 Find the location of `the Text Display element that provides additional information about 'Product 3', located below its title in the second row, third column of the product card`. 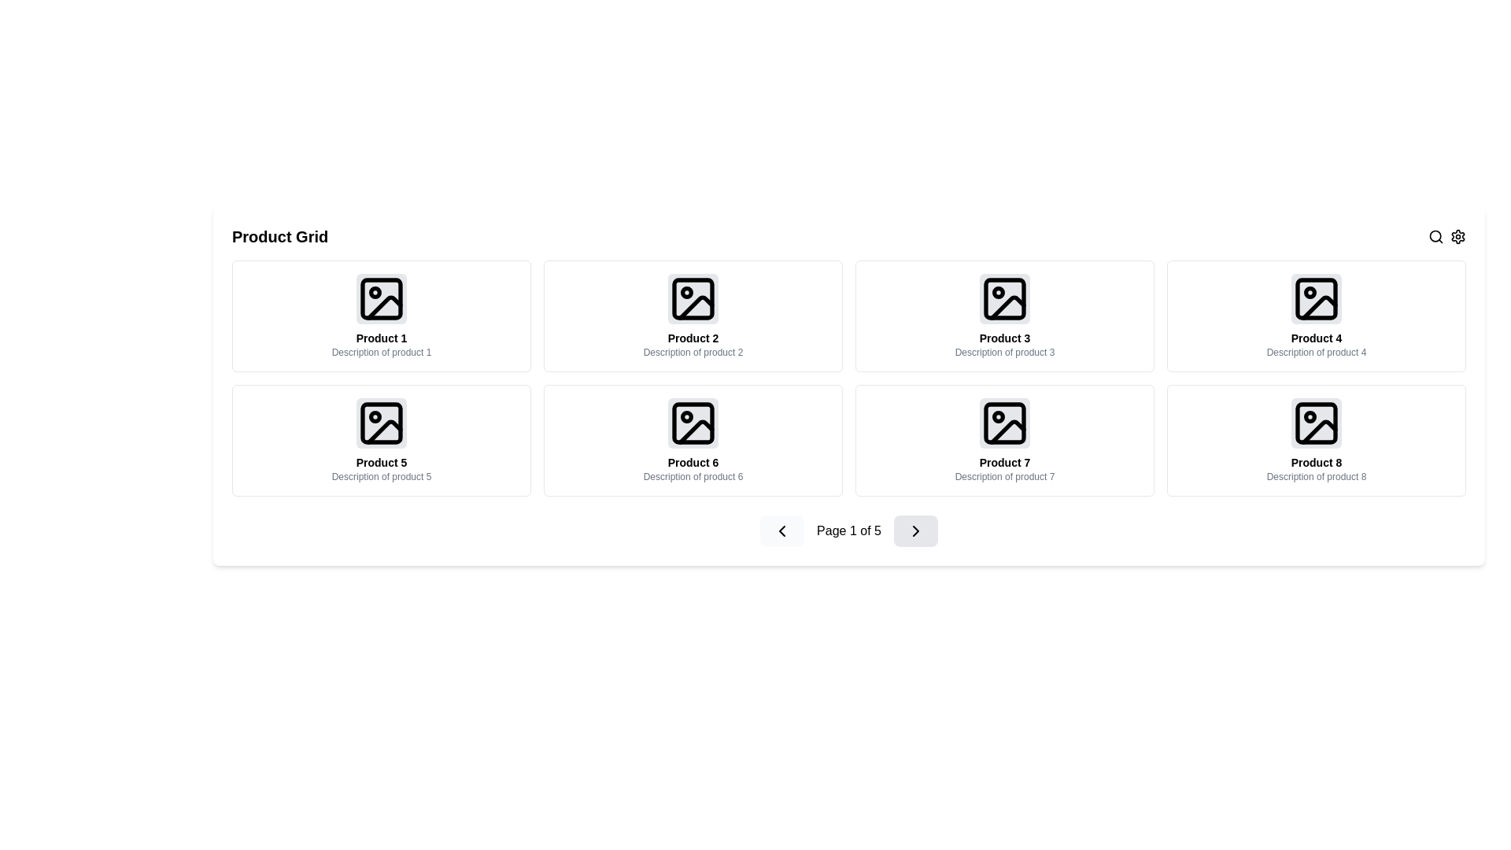

the Text Display element that provides additional information about 'Product 3', located below its title in the second row, third column of the product card is located at coordinates (1003, 351).